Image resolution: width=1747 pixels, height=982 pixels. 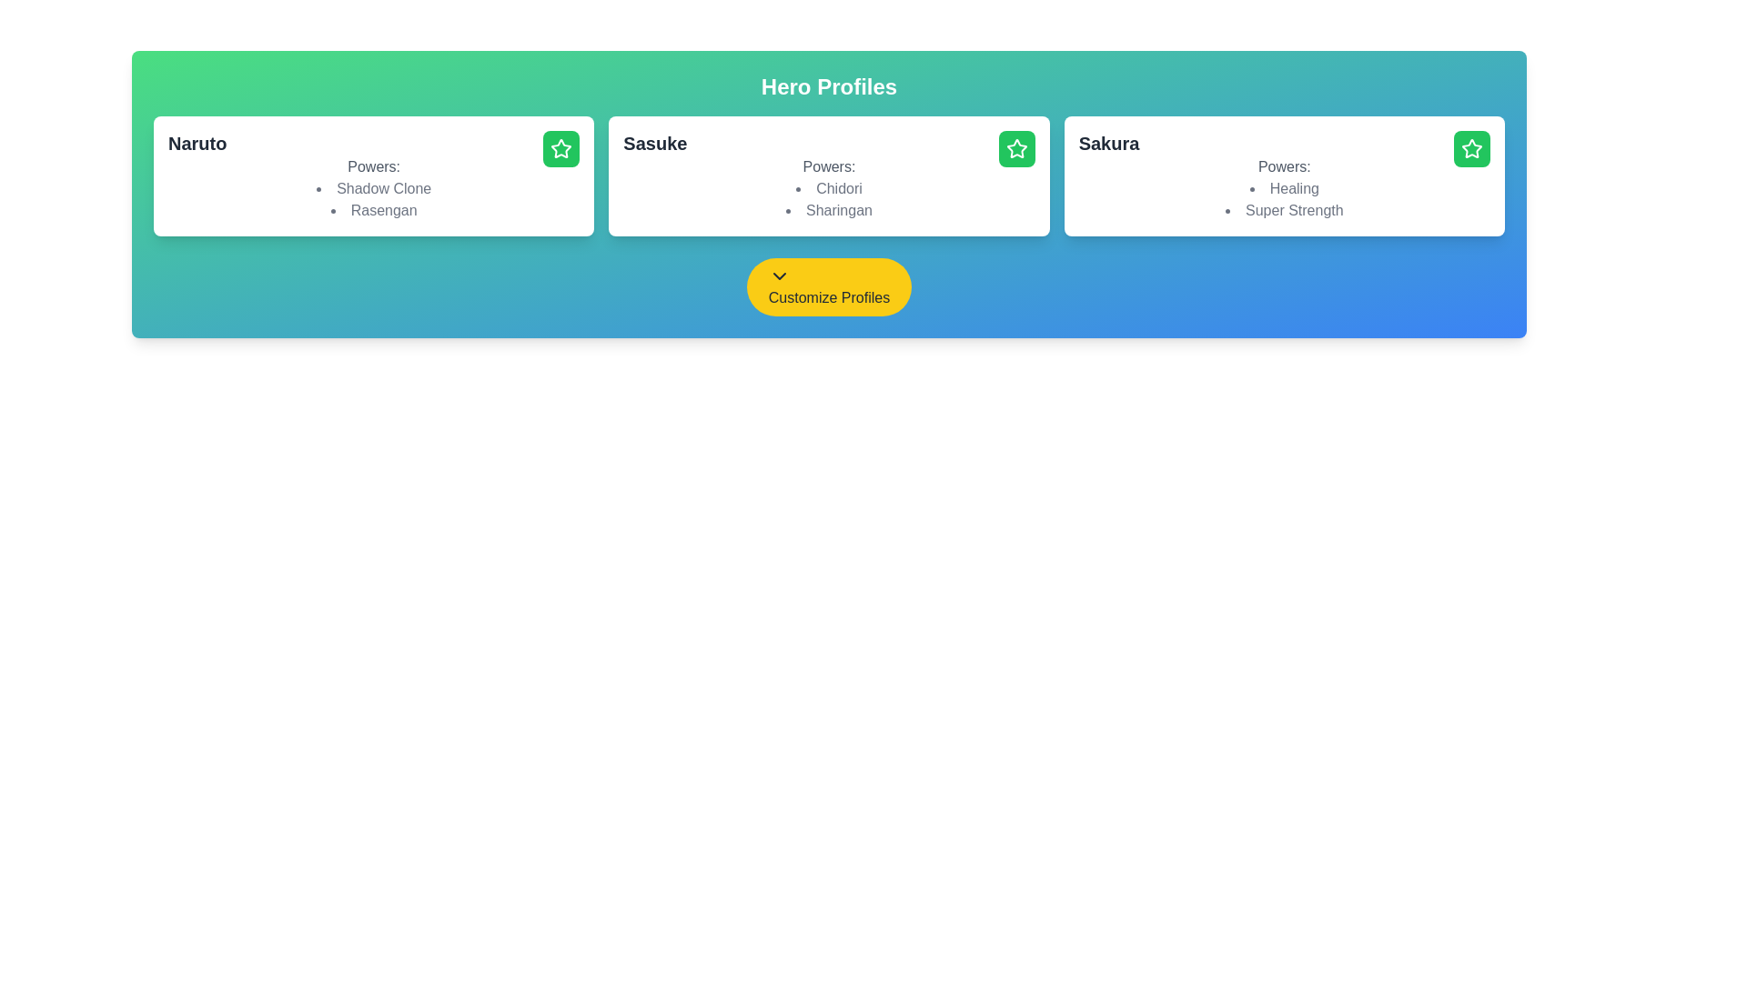 I want to click on the circular button with a green background and a white star icon located in the top-right corner of the 'Sakura' card to interact, so click(x=1471, y=148).